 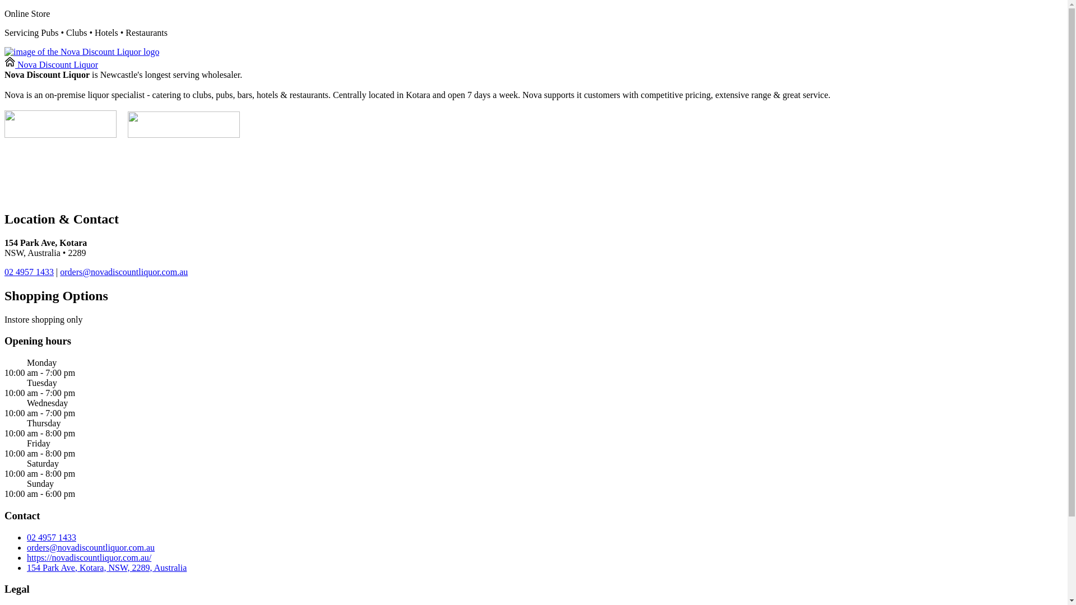 What do you see at coordinates (29, 272) in the screenshot?
I see `'02 4957 1433'` at bounding box center [29, 272].